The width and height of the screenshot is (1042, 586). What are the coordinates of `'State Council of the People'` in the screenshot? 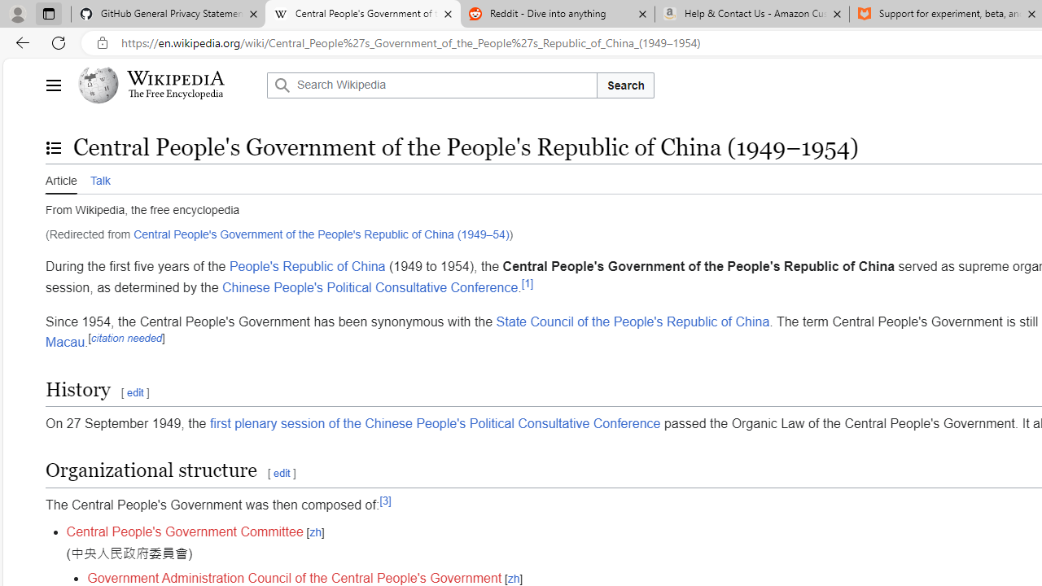 It's located at (632, 321).